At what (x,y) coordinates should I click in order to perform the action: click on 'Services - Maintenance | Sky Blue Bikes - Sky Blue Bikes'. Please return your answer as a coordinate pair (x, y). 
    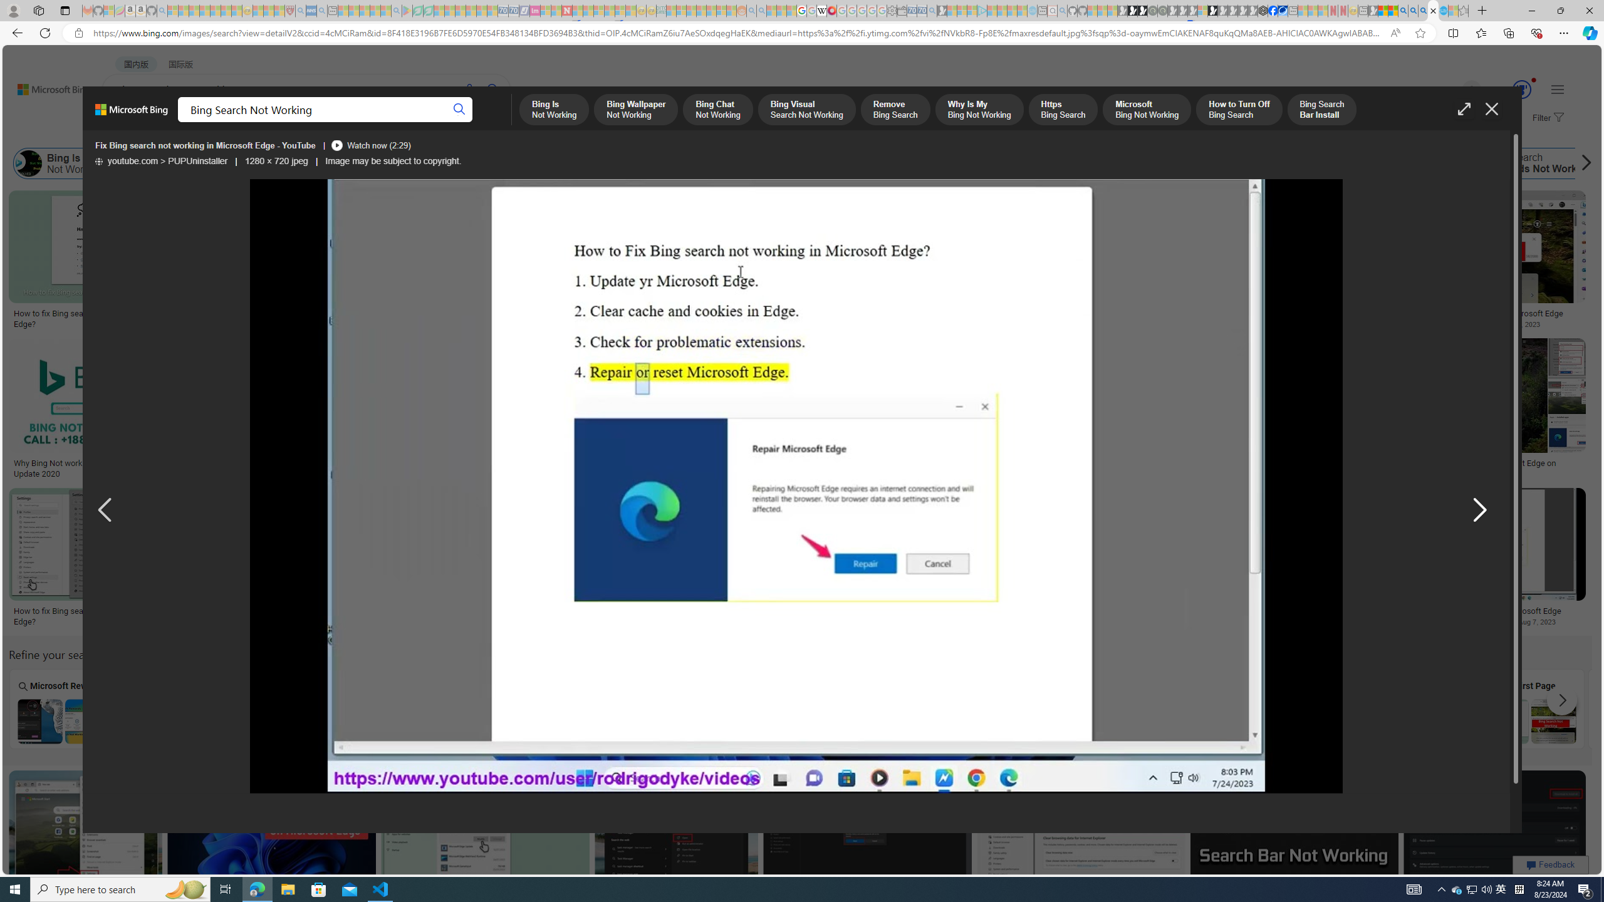
    Looking at the image, I should click on (1442, 10).